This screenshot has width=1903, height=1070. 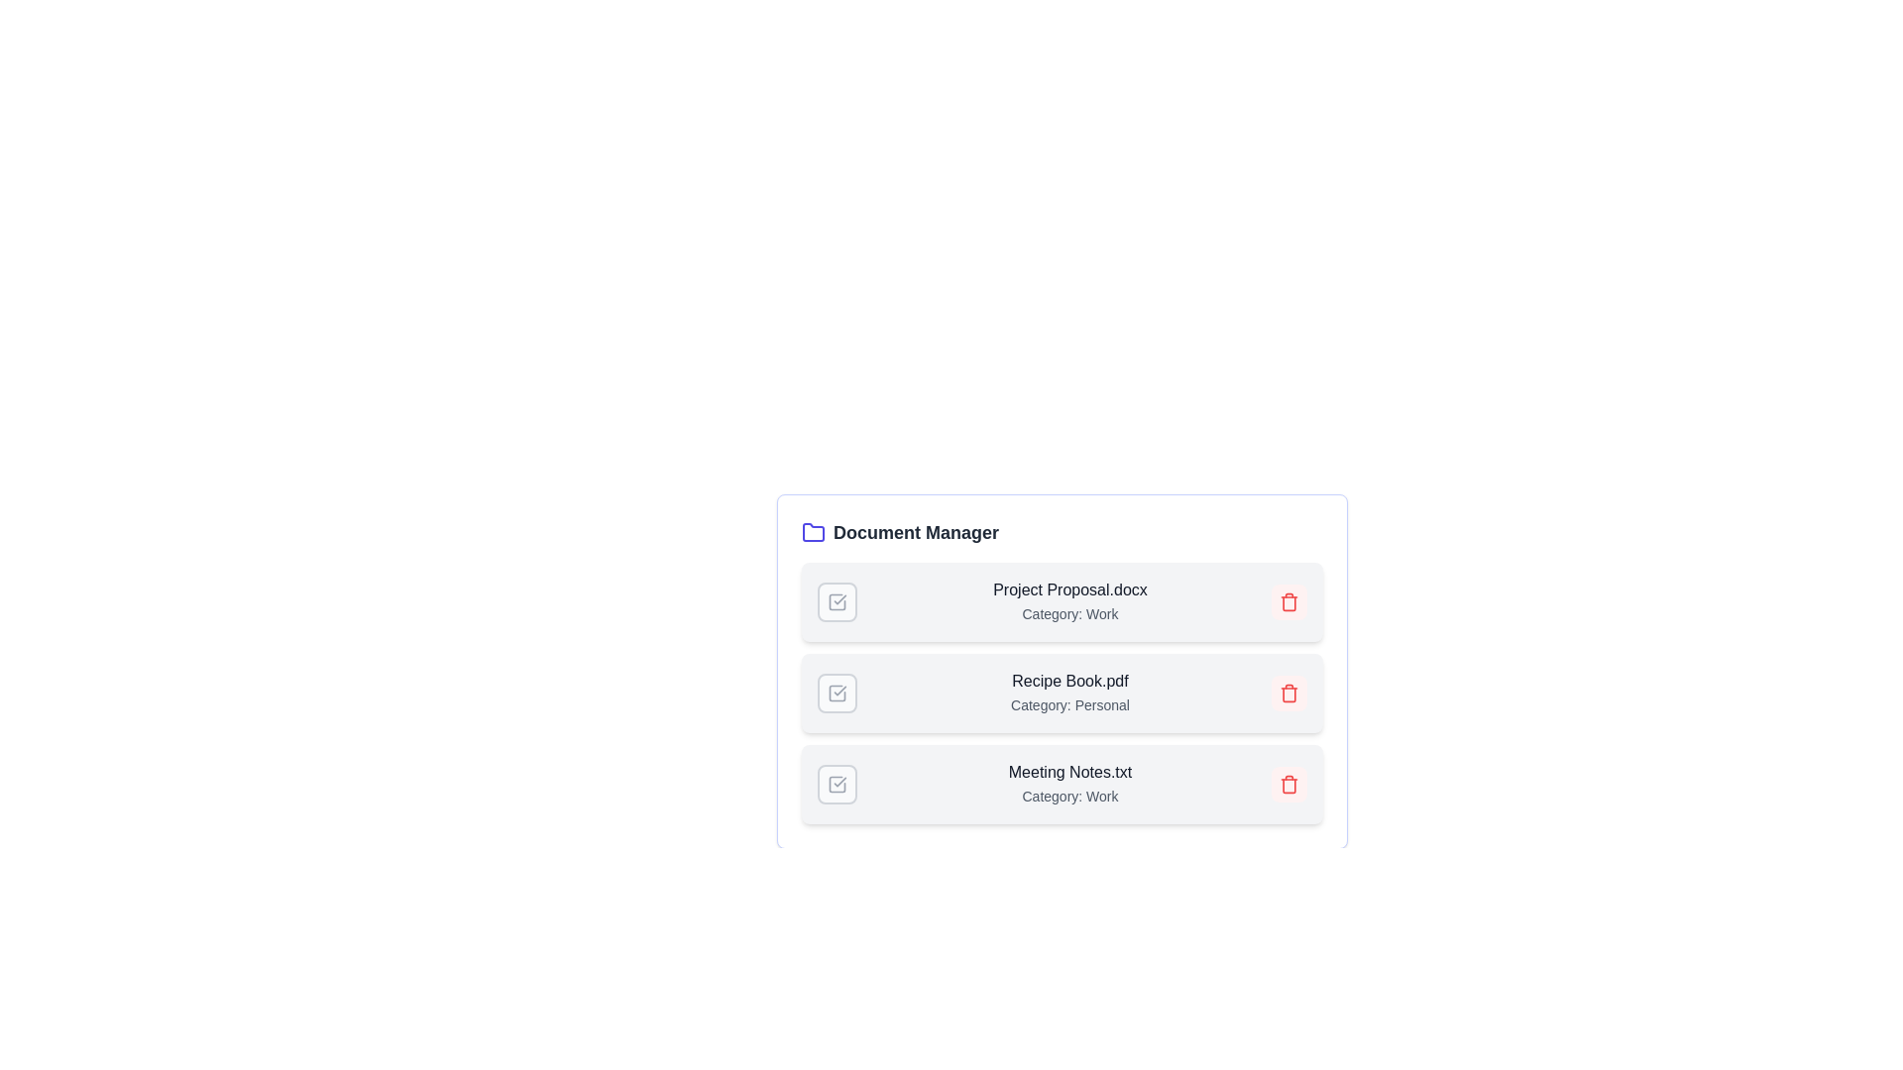 What do you see at coordinates (837, 783) in the screenshot?
I see `the checkbox icon located in the third row of the 'Document Manager' section` at bounding box center [837, 783].